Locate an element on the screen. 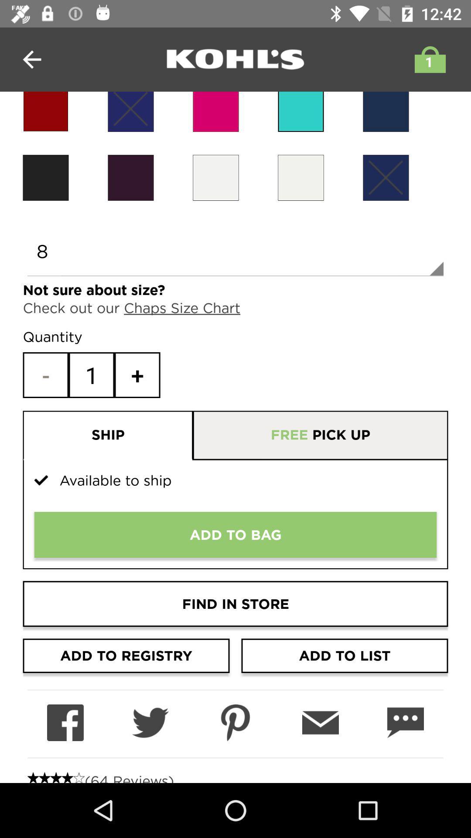  return to previous page is located at coordinates (31, 59).